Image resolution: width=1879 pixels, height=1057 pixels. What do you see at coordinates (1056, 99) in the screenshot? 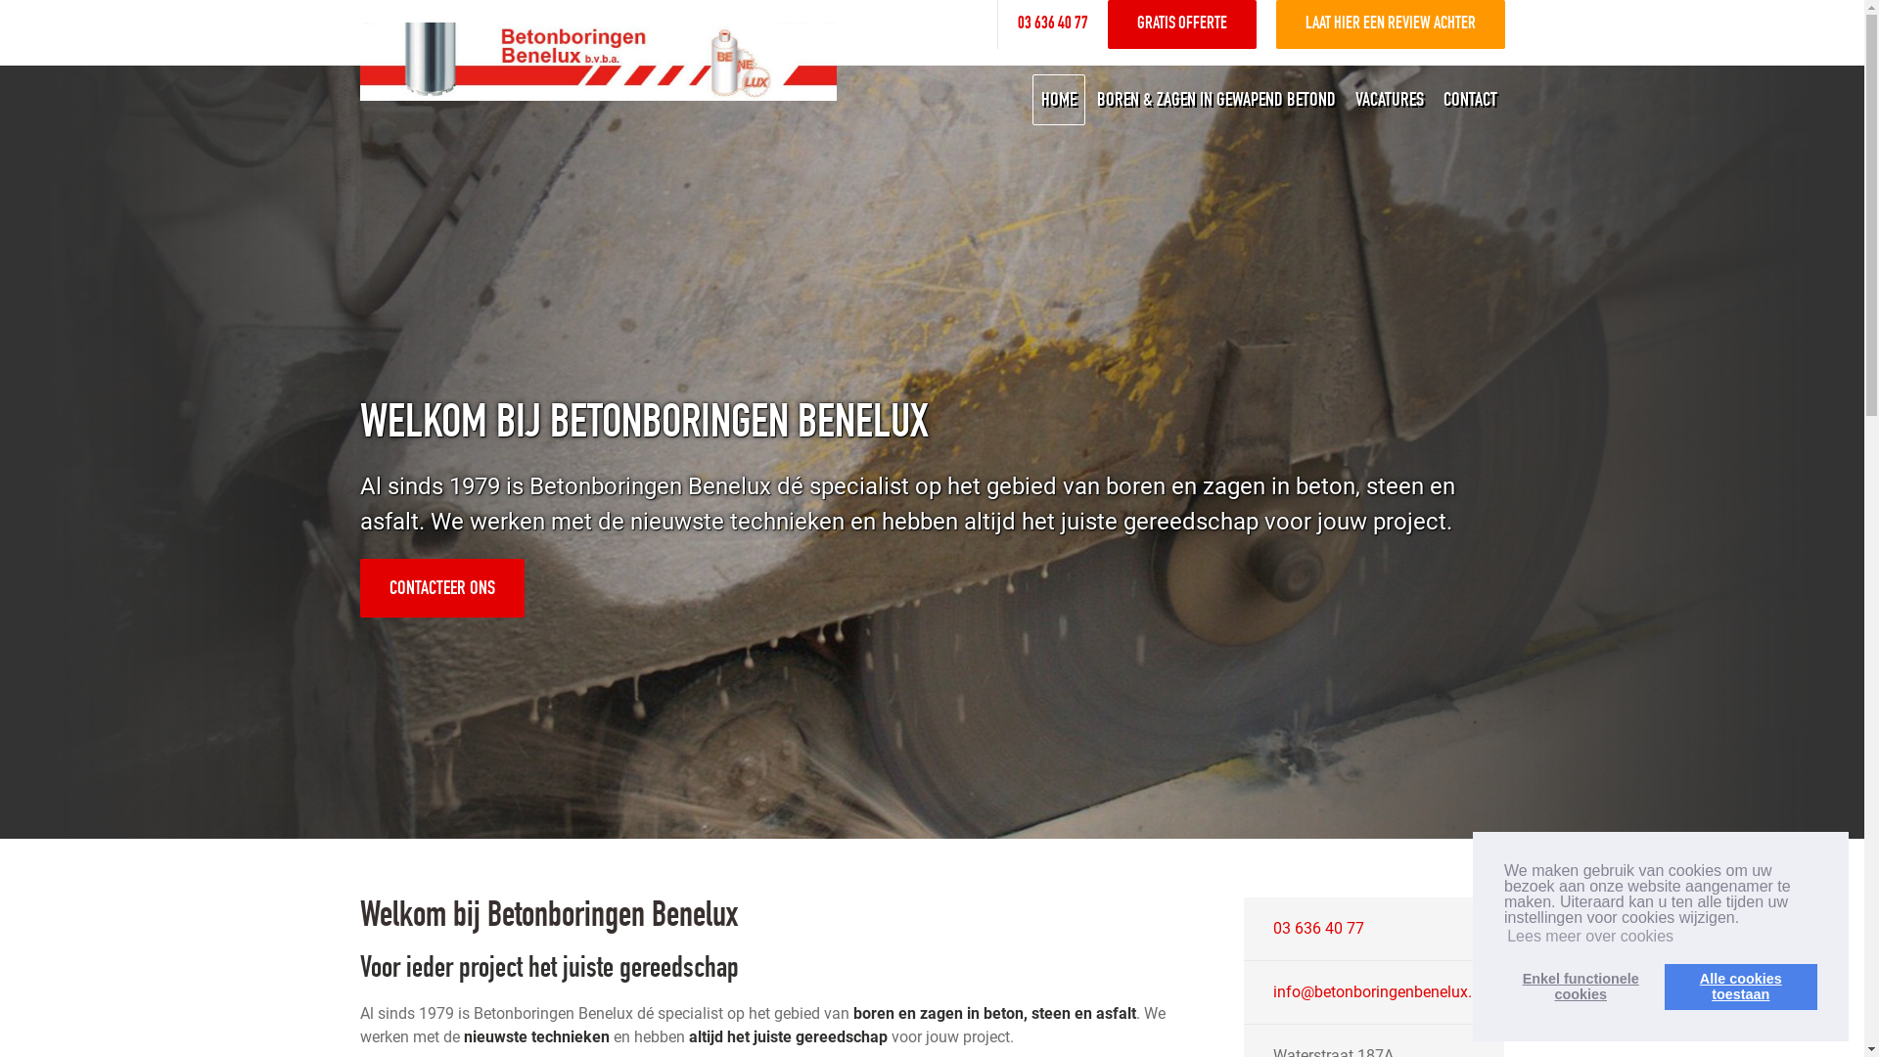
I see `'HOME'` at bounding box center [1056, 99].